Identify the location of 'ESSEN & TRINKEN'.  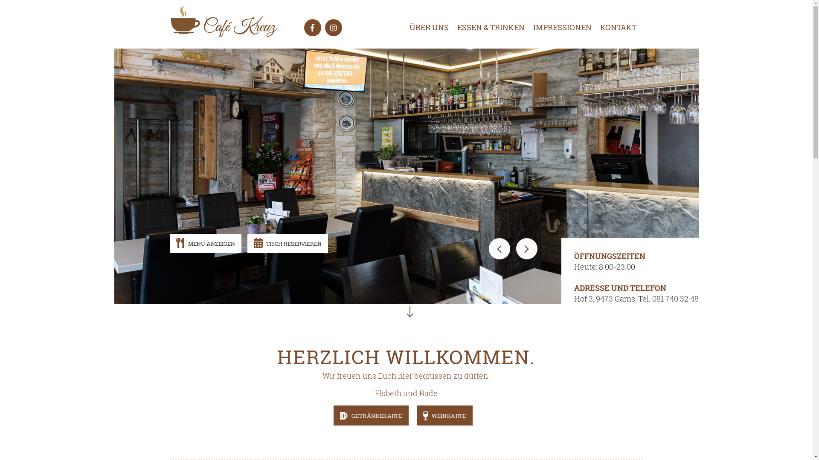
(487, 27).